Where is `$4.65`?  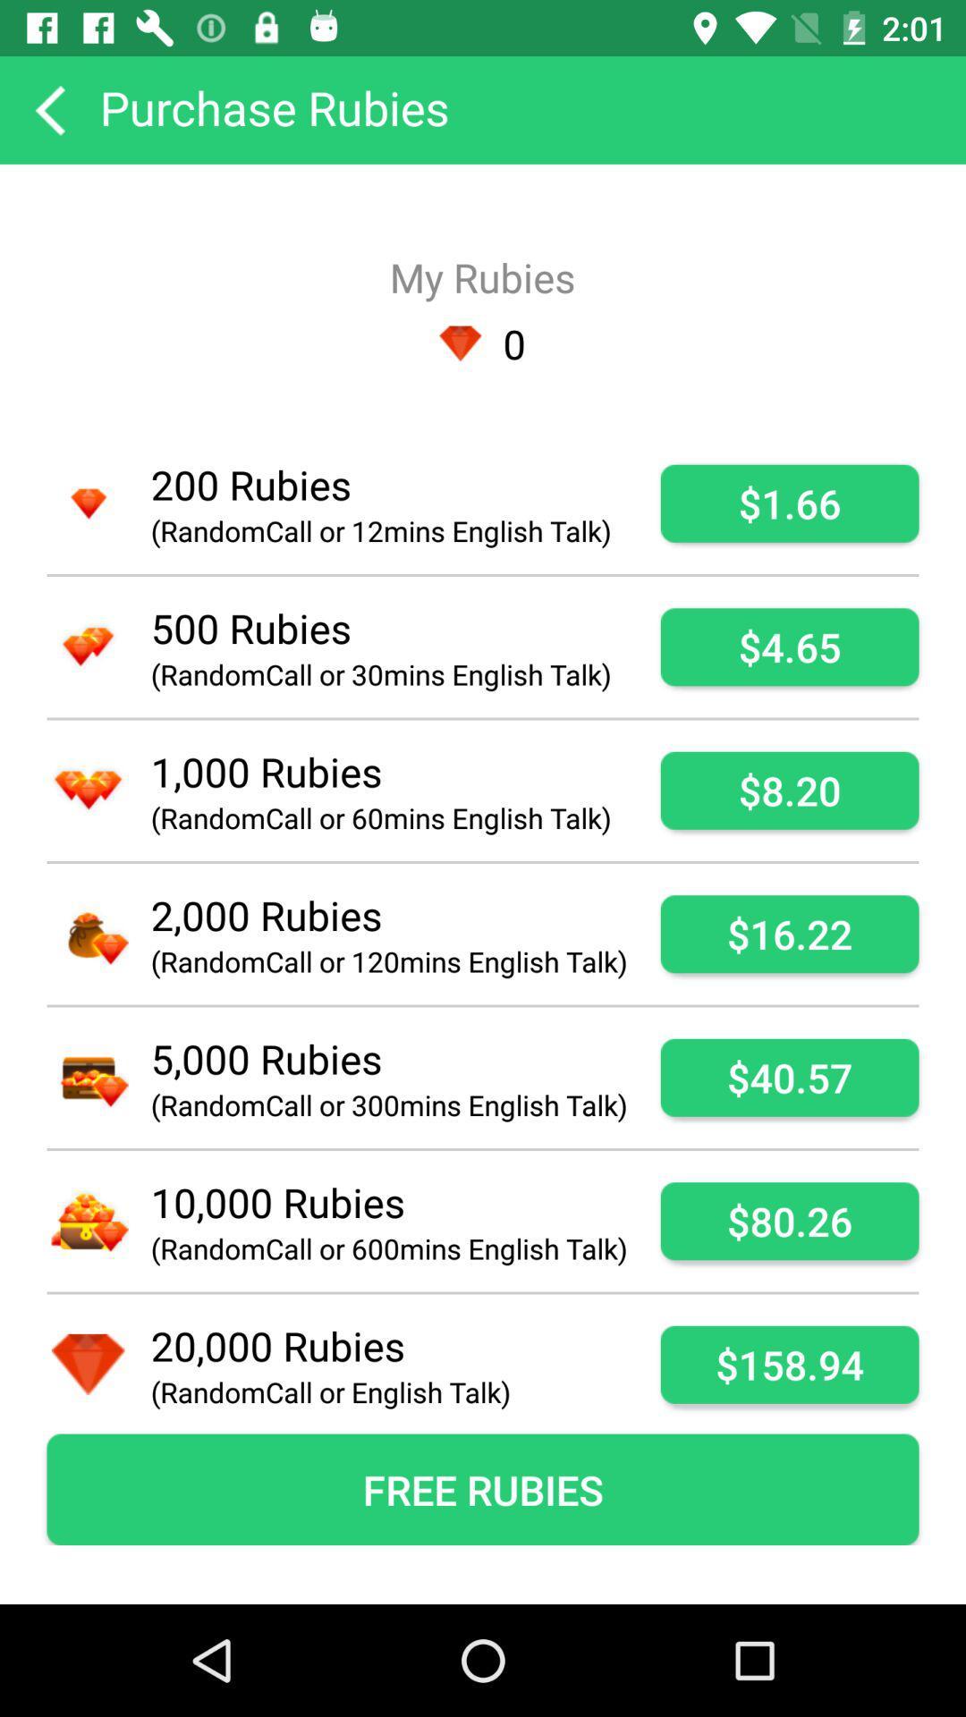
$4.65 is located at coordinates (789, 646).